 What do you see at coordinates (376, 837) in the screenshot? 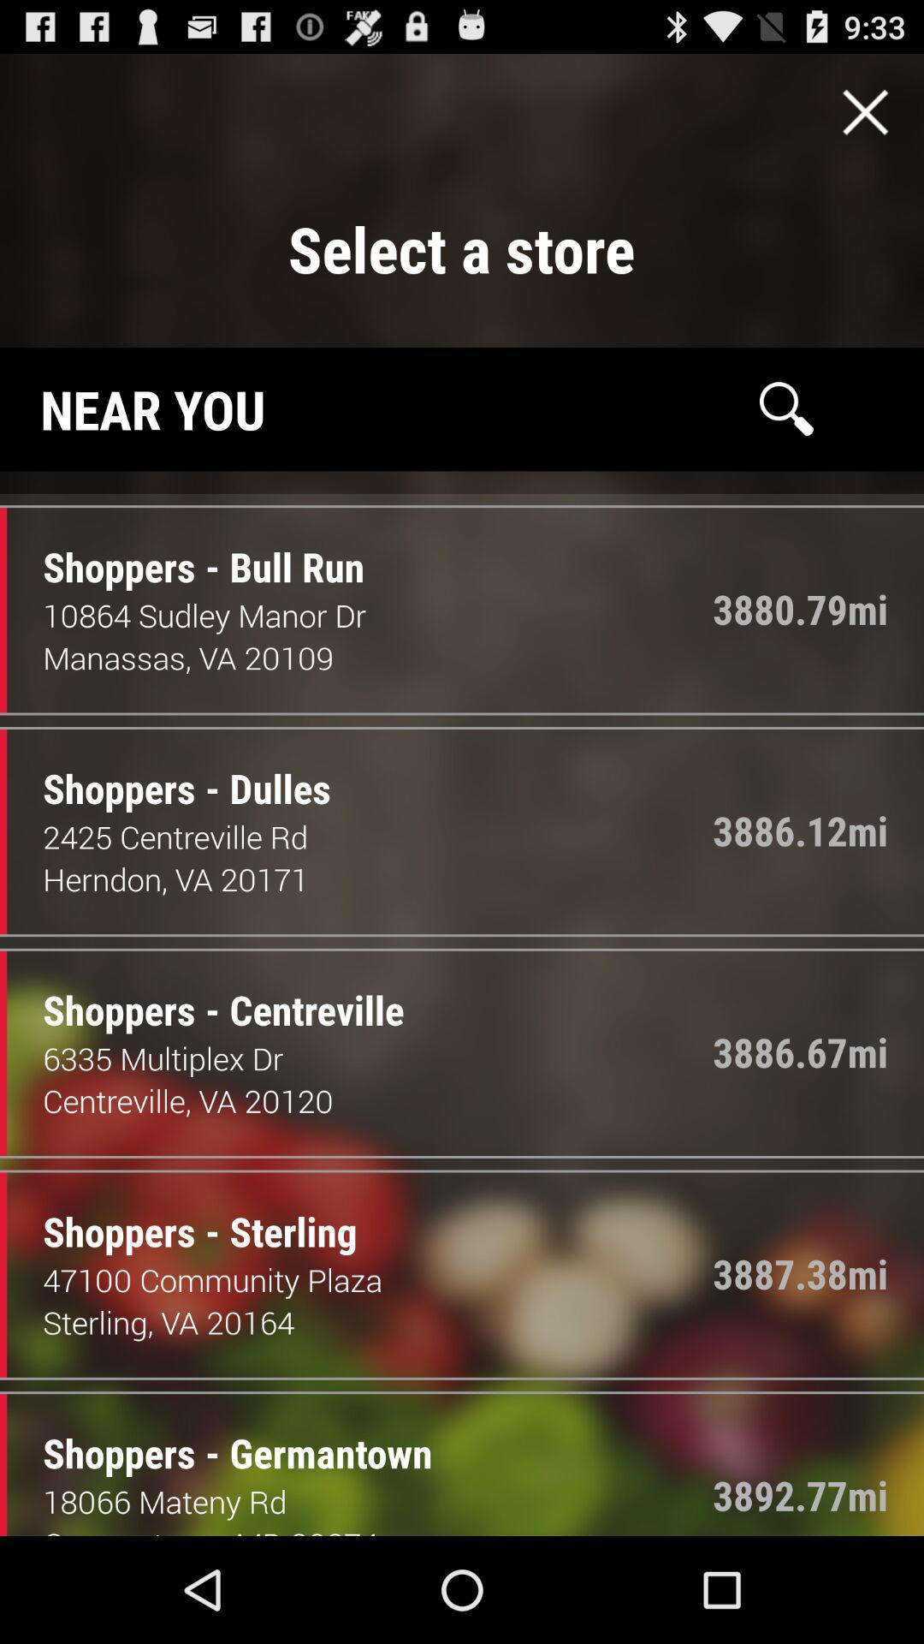
I see `icon next to the 3886.12mi item` at bounding box center [376, 837].